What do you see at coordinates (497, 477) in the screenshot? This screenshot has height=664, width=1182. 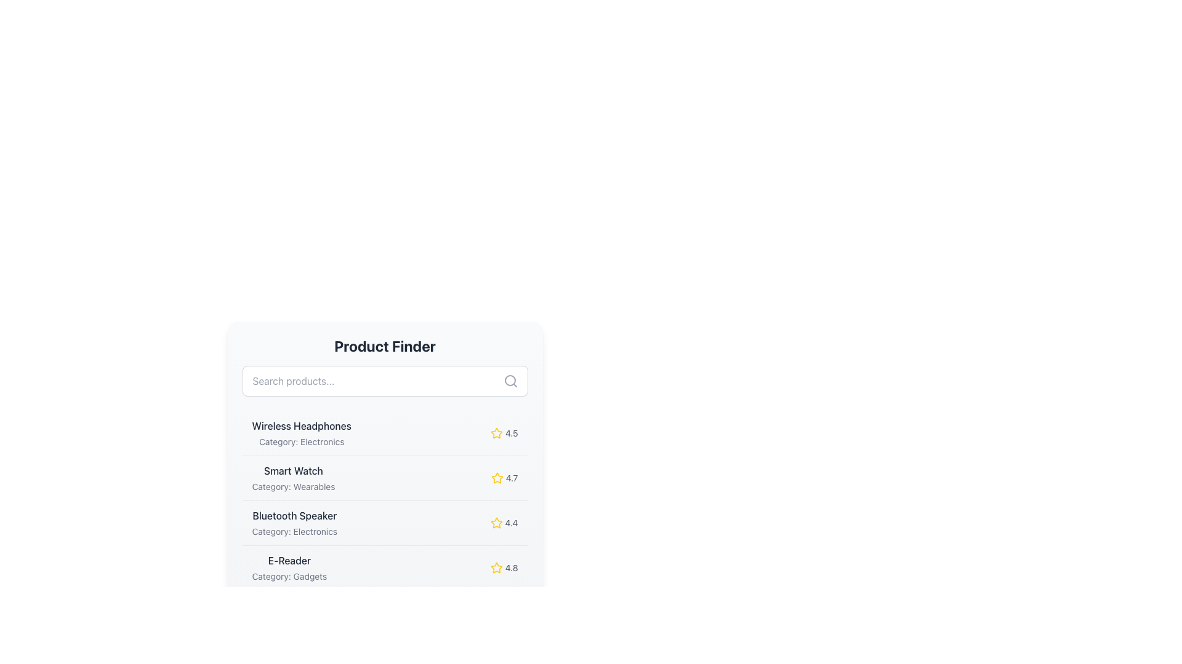 I see `the star-shaped yellow icon representing the rating for the 'Smart Watch' item, which is positioned to the right of the text 'Smart Watch' and aligns with the rating number '4.7'` at bounding box center [497, 477].